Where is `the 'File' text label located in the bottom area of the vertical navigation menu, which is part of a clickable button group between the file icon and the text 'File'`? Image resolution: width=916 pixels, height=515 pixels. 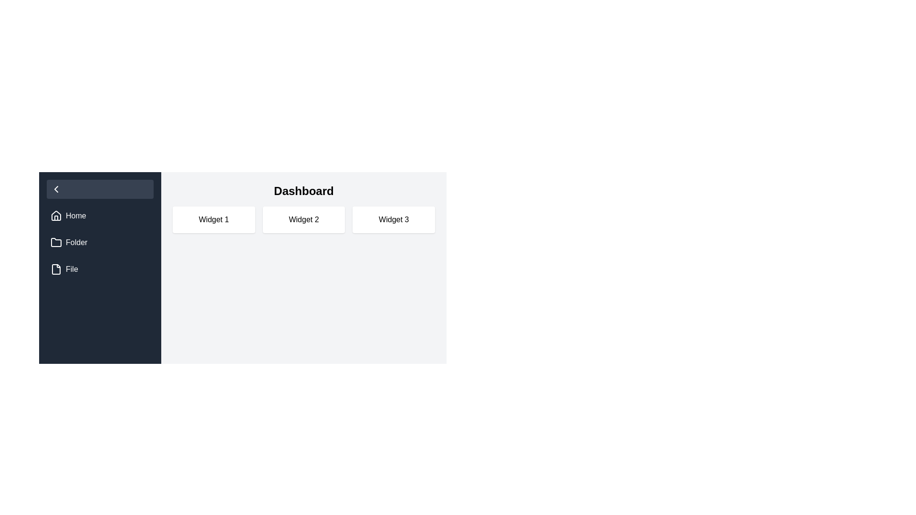
the 'File' text label located in the bottom area of the vertical navigation menu, which is part of a clickable button group between the file icon and the text 'File' is located at coordinates (71, 269).